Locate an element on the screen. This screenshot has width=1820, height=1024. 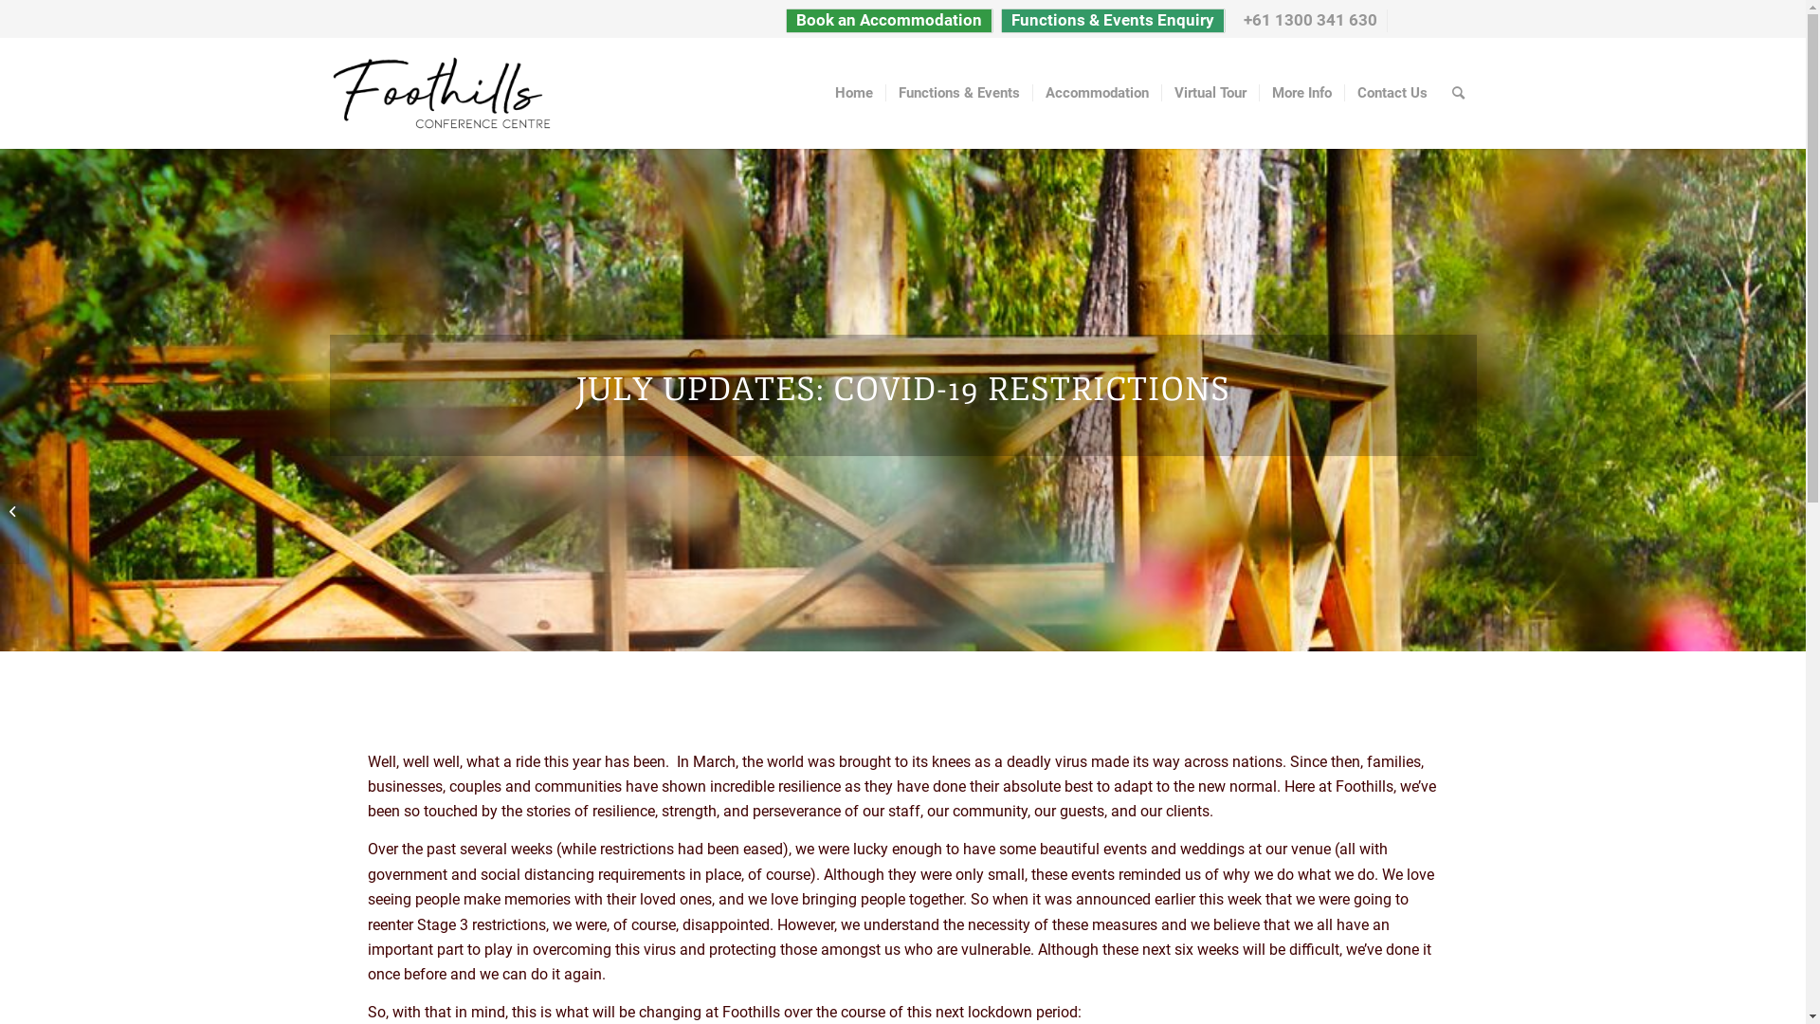
'+61 1300 341 630' is located at coordinates (1309, 21).